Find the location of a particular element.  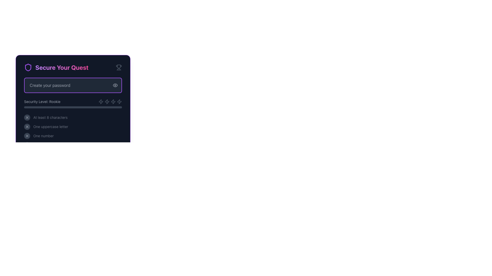

the third icon in a horizontal row of icons that indicates the security level of the password being created is located at coordinates (107, 101).